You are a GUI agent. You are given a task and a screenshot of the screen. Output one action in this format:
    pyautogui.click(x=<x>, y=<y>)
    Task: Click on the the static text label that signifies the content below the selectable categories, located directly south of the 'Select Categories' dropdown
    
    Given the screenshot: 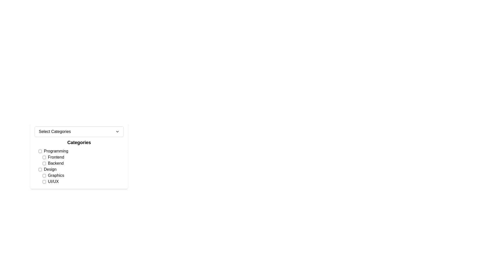 What is the action you would take?
    pyautogui.click(x=79, y=143)
    